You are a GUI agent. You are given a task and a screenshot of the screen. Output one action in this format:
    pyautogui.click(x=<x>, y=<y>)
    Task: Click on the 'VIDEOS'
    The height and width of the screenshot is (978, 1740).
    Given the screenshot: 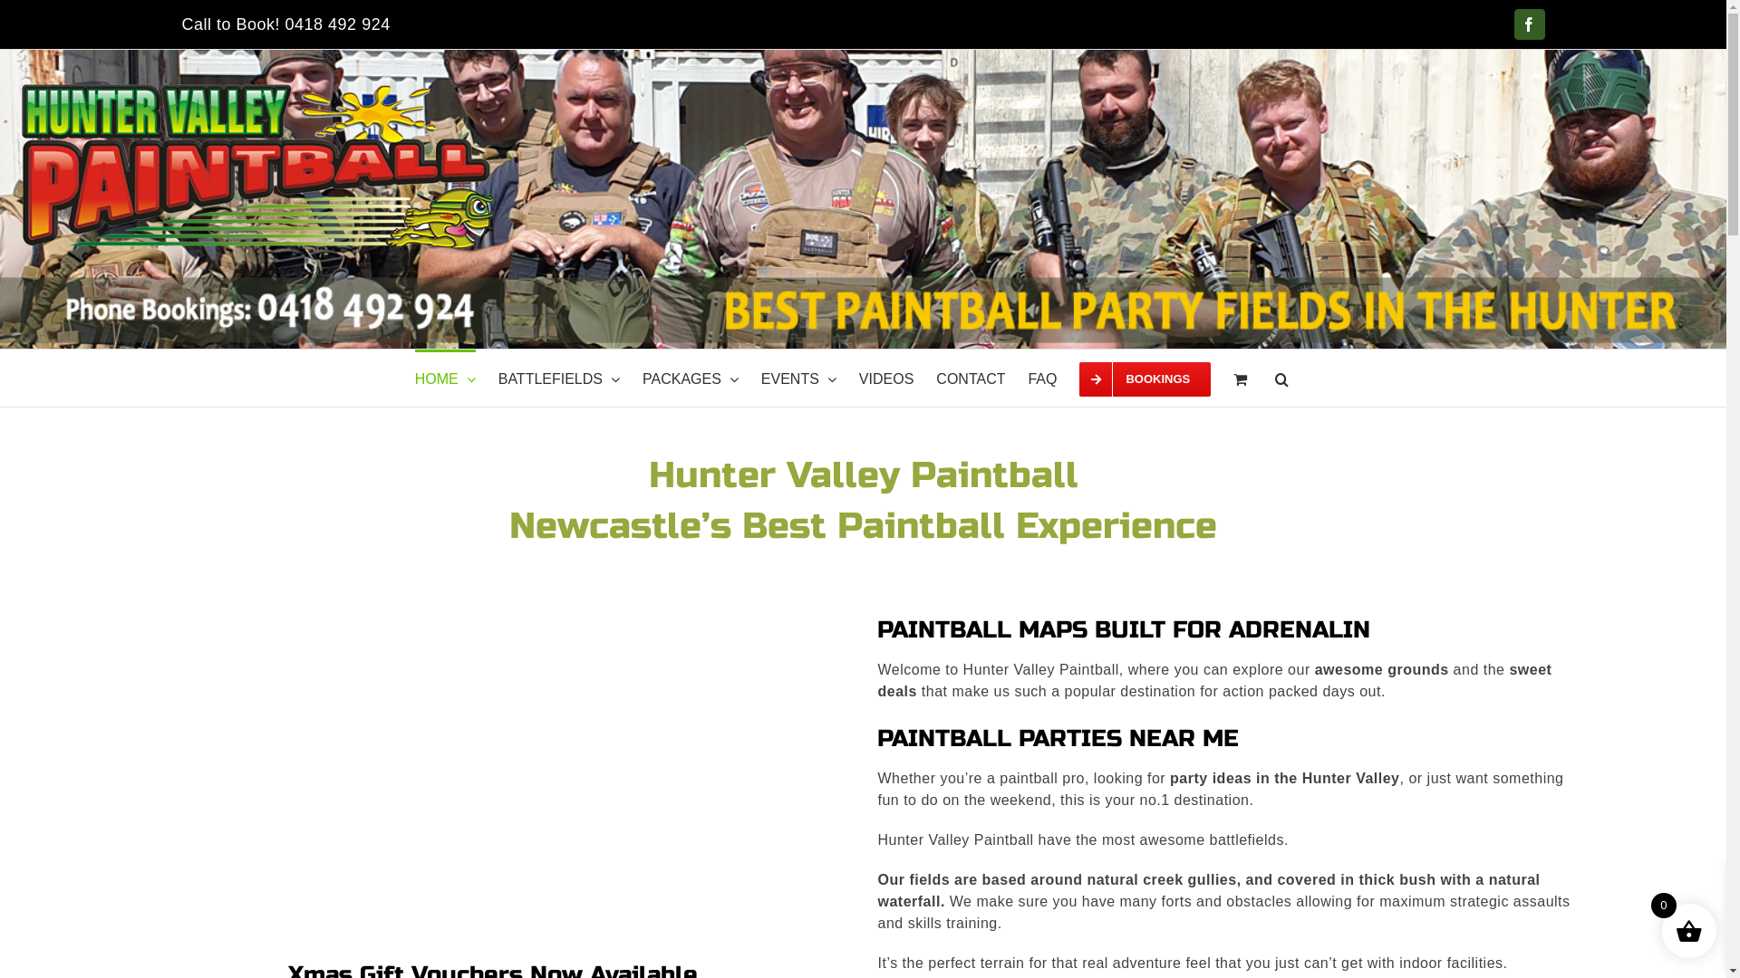 What is the action you would take?
    pyautogui.click(x=886, y=377)
    